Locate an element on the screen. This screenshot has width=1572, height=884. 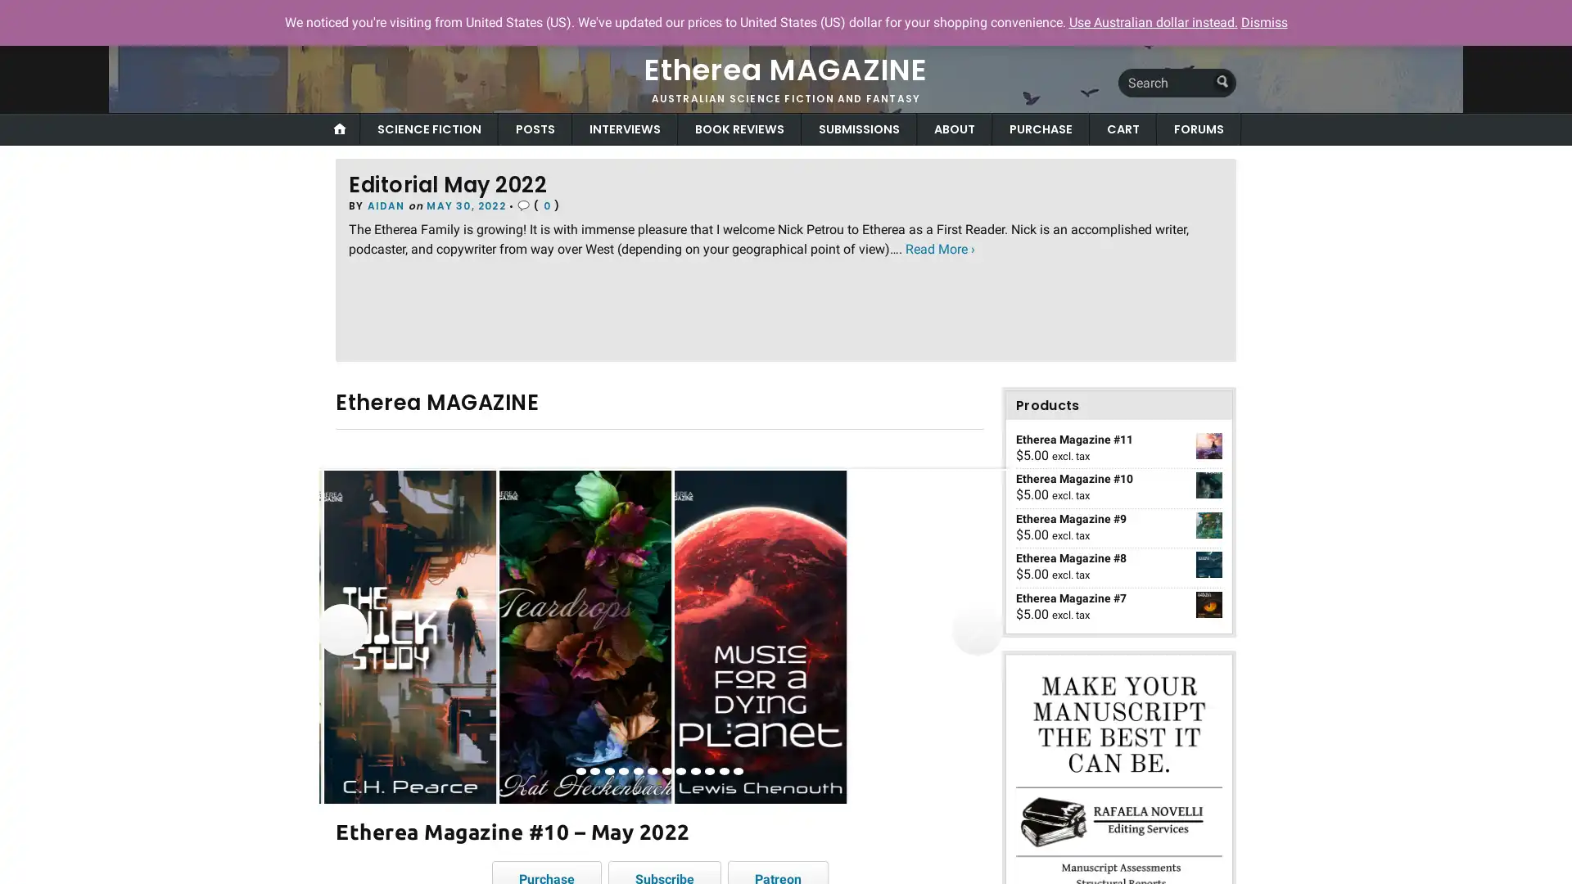
view image 6 of 12 in carousel is located at coordinates (651, 770).